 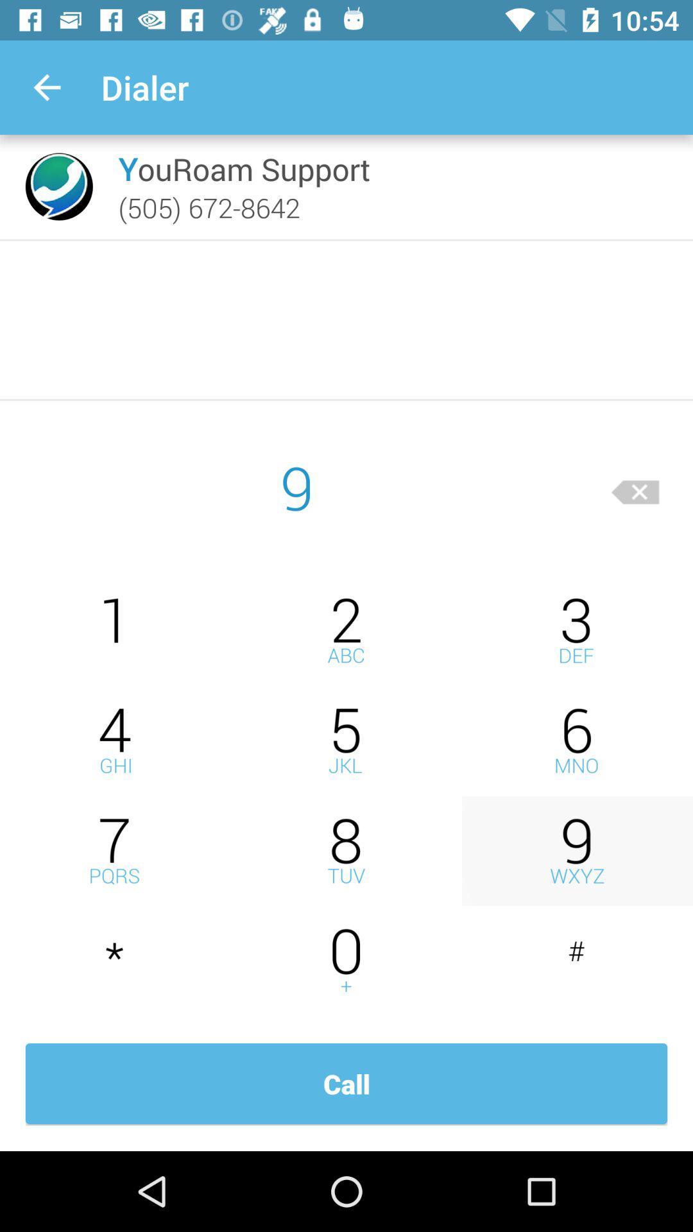 I want to click on click the number 3, so click(x=576, y=630).